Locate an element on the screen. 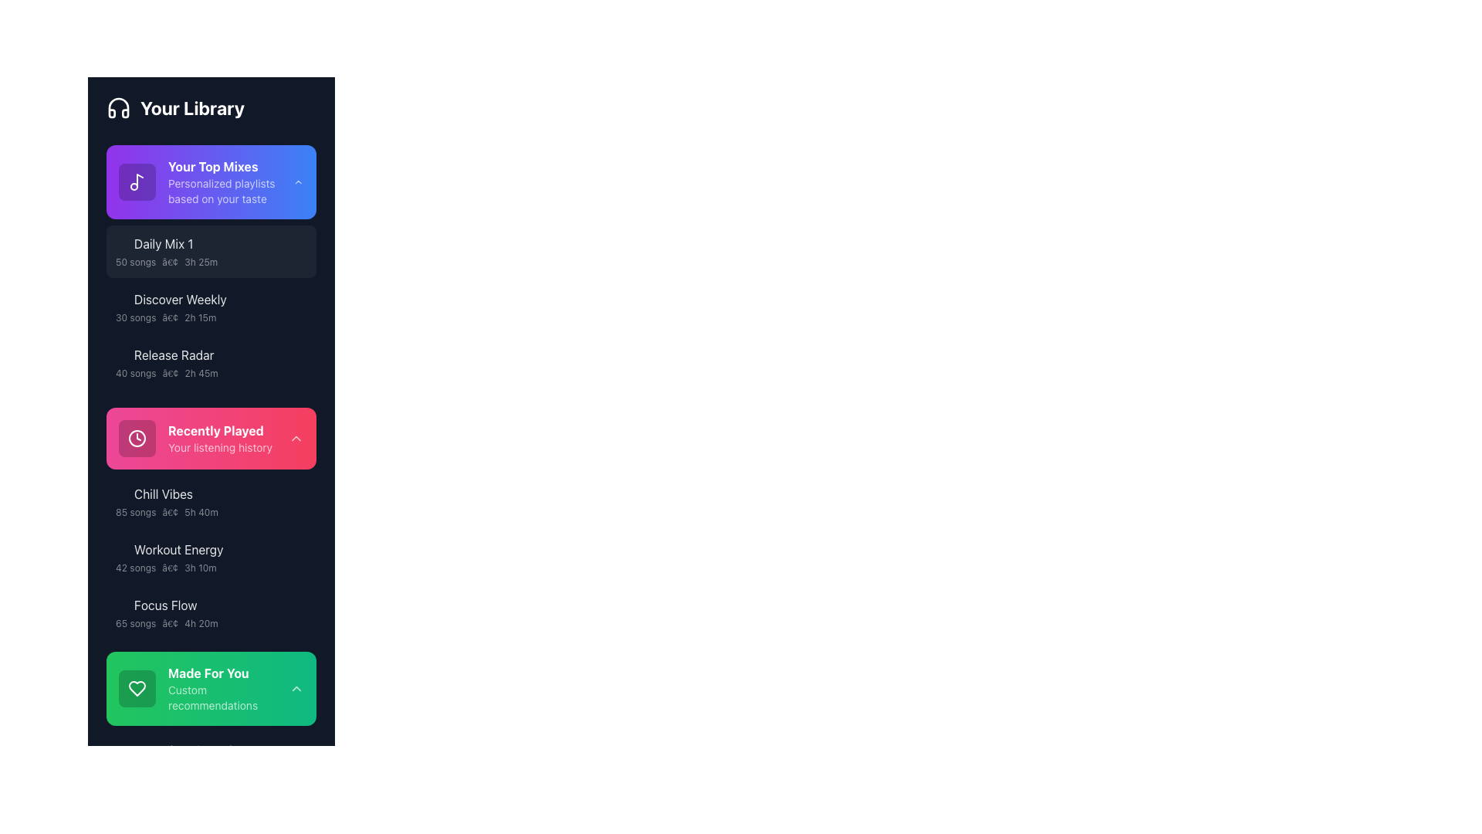  the bullet point text separator that visually divides the textual elements '40 songs' and '2h 45m' is located at coordinates (170, 373).